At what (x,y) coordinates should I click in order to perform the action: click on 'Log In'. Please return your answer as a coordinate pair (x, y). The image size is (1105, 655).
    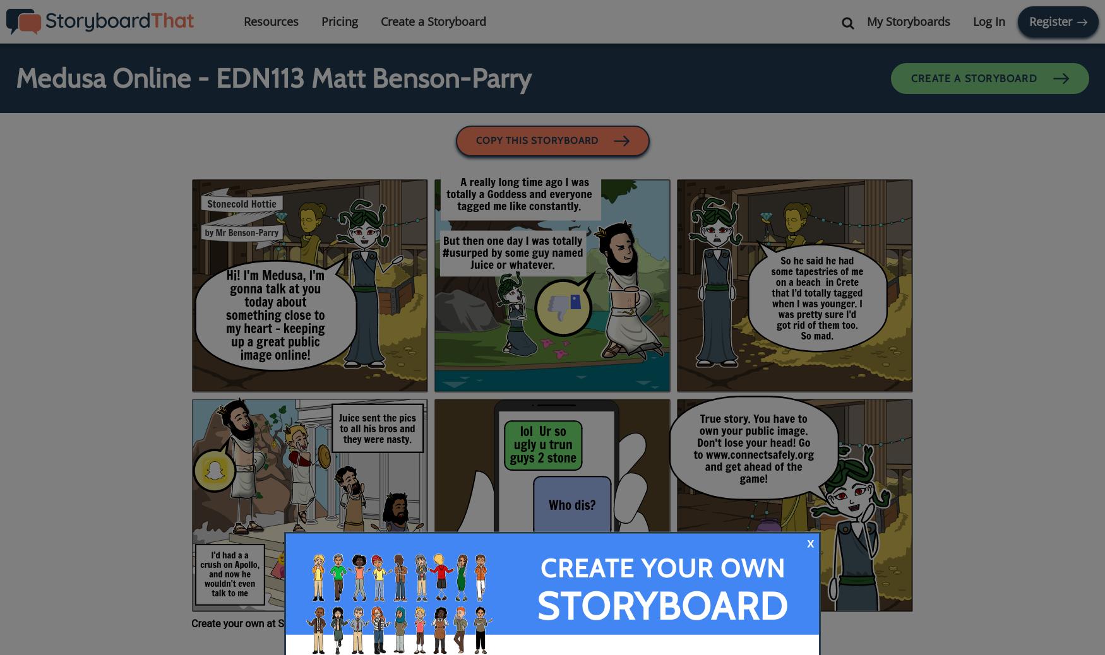
    Looking at the image, I should click on (989, 21).